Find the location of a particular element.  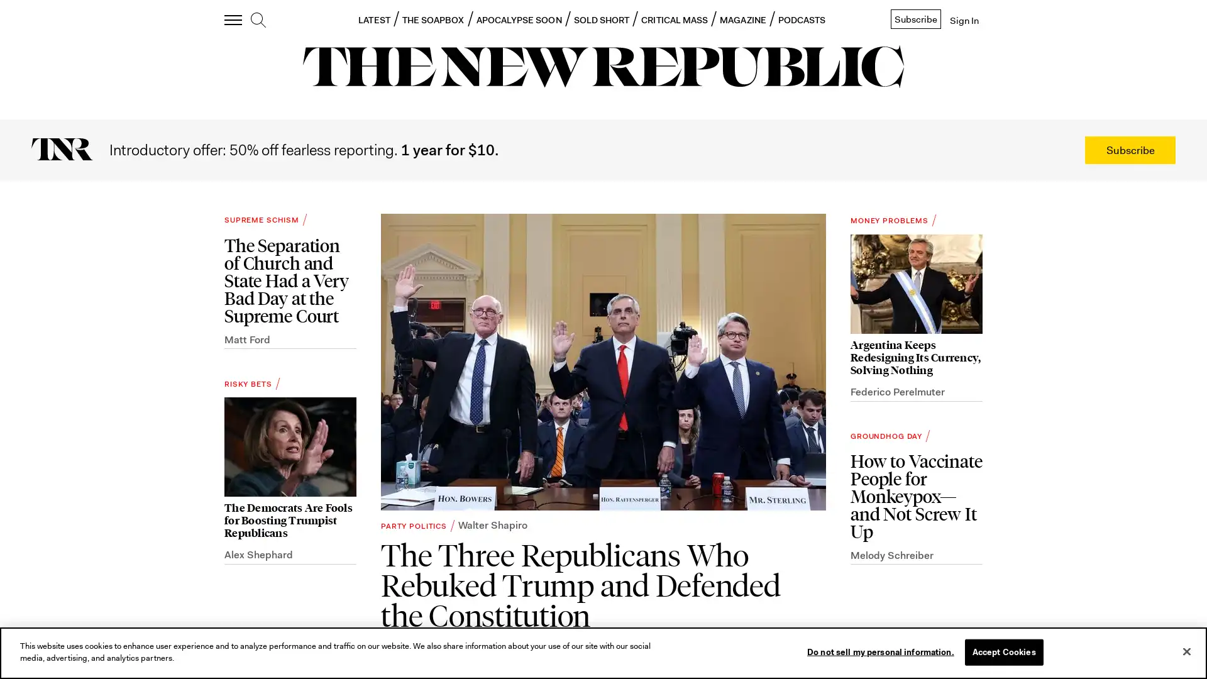

Subscribe is located at coordinates (1130, 150).